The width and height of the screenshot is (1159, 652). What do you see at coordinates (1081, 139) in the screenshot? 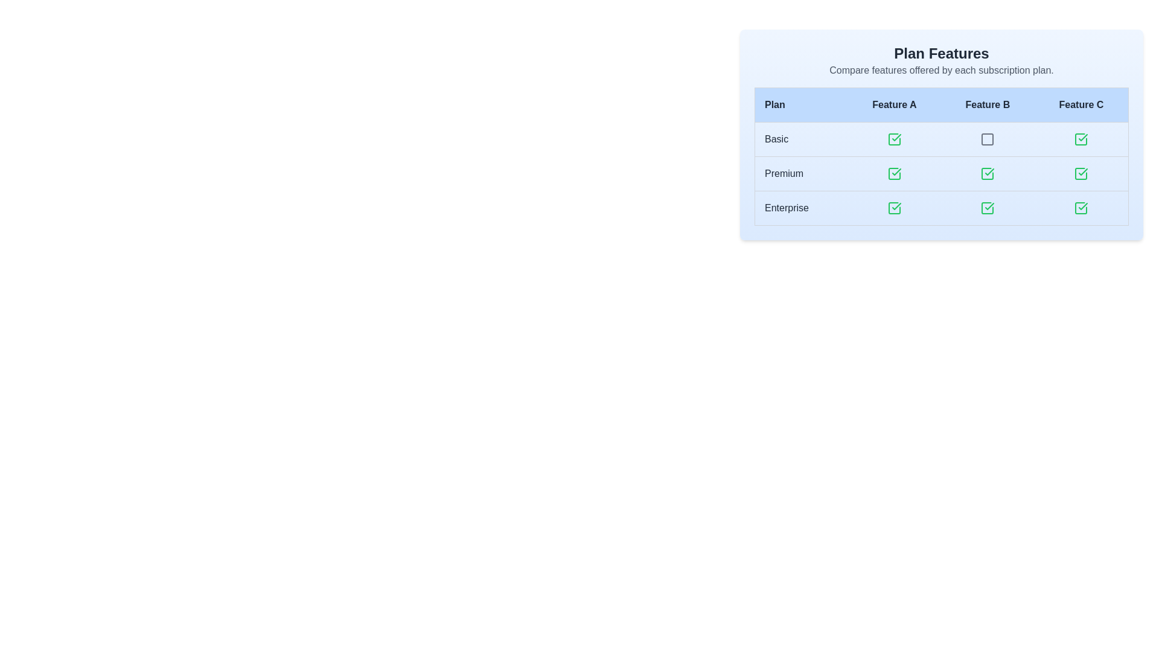
I see `the icon indicating that the 'Basic' plan includes 'Feature C', located in the last cell of the first row of the table structure` at bounding box center [1081, 139].